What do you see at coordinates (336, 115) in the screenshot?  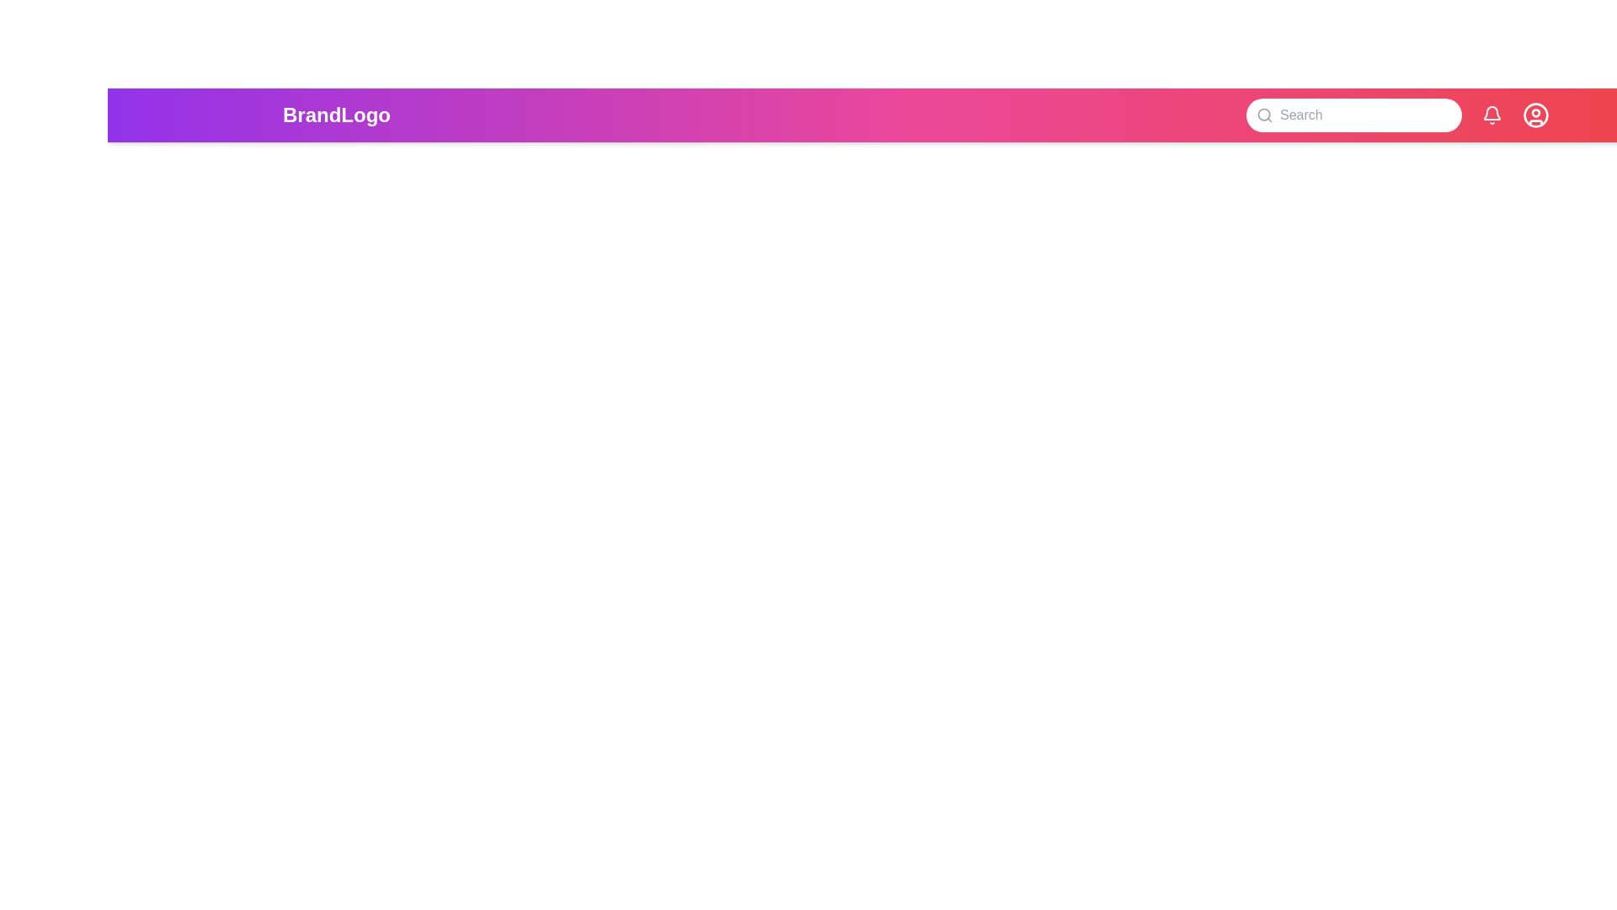 I see `the 'BrandLogo' text label in the top-left corner of the header section to redirect to the homepage` at bounding box center [336, 115].